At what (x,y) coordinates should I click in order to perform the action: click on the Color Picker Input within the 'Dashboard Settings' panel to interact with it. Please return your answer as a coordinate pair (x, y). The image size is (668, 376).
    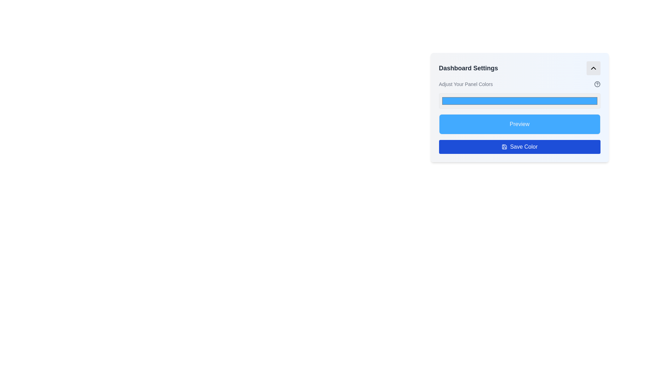
    Looking at the image, I should click on (519, 107).